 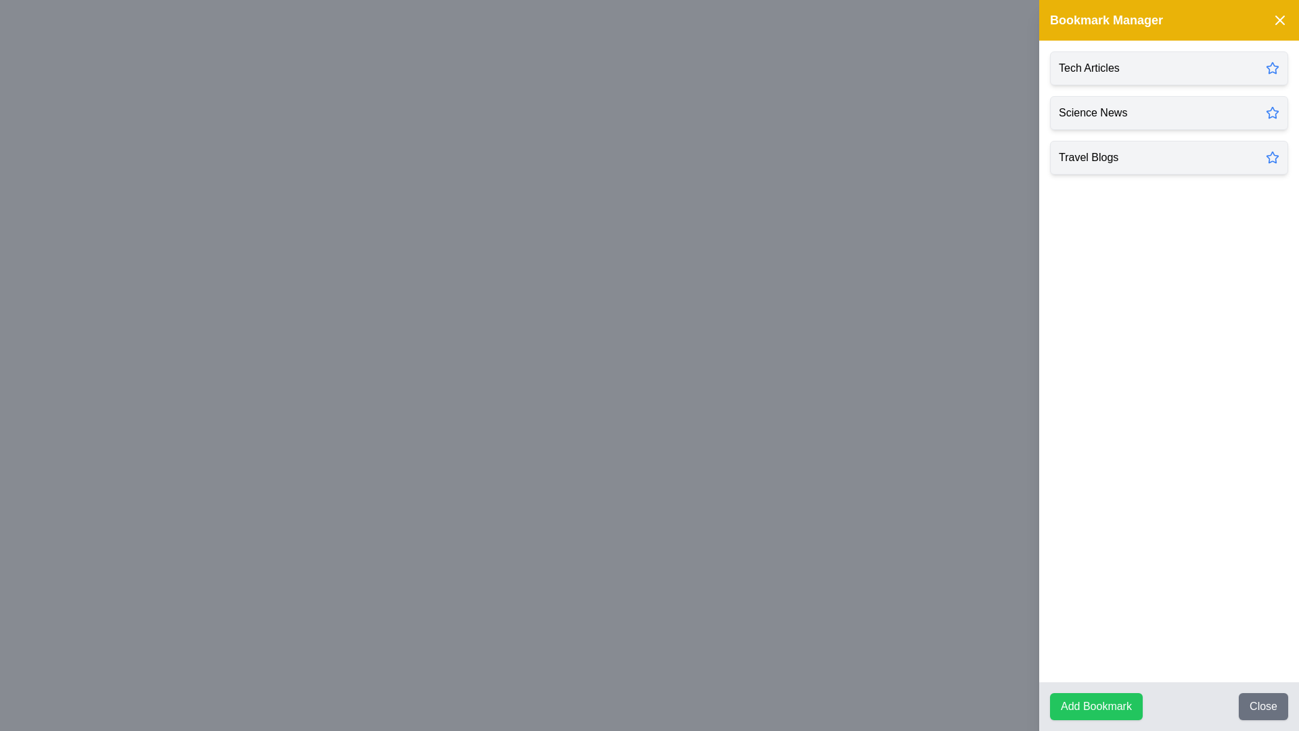 What do you see at coordinates (1096, 706) in the screenshot?
I see `the leftmost button in the 'Bookmark Manager' side panel` at bounding box center [1096, 706].